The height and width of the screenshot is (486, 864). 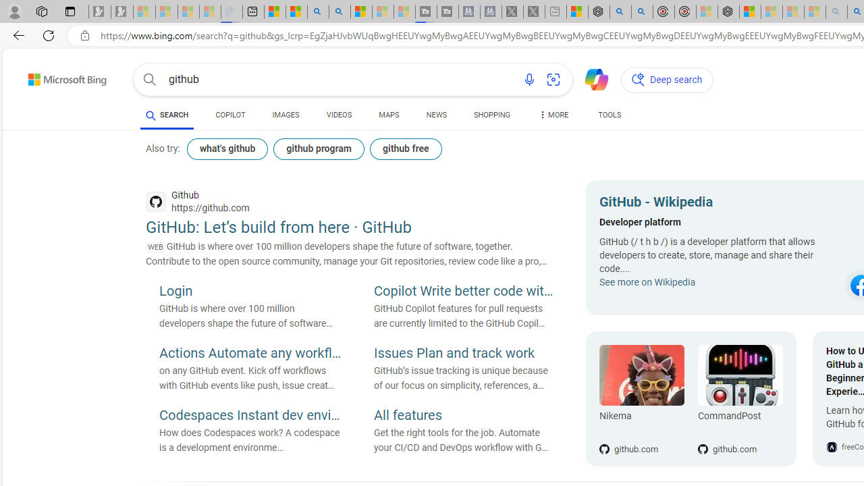 I want to click on 'CommandPost CommandPost github.com', so click(x=732, y=398).